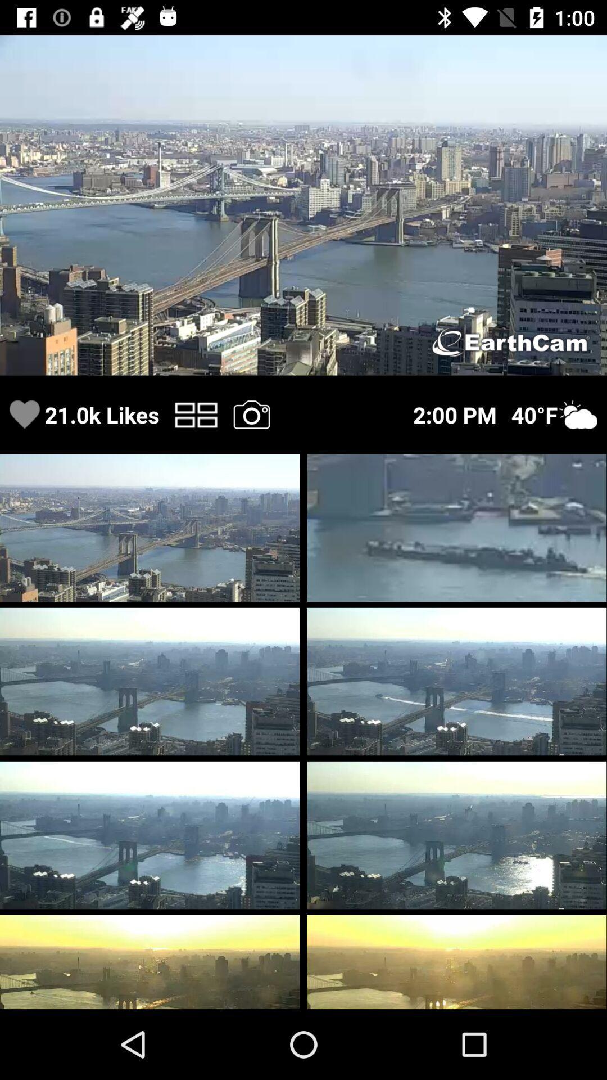  What do you see at coordinates (251, 414) in the screenshot?
I see `the camera symbol at the bottom of the first image` at bounding box center [251, 414].